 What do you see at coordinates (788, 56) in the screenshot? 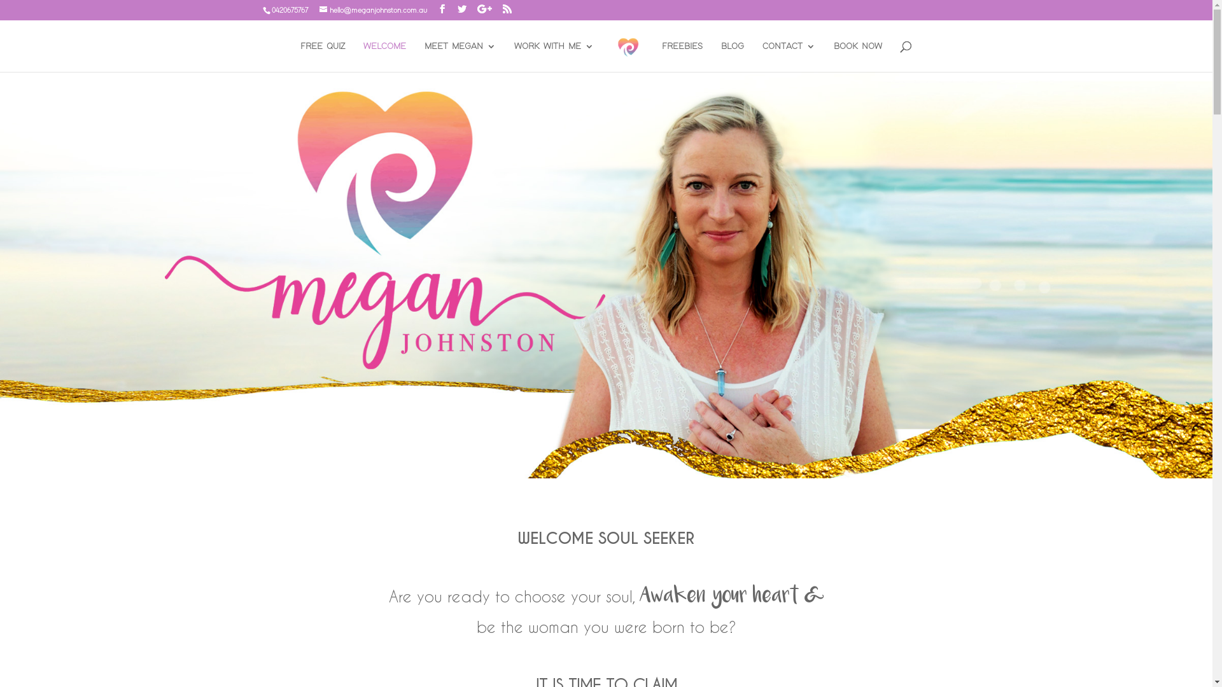
I see `'CONTACT'` at bounding box center [788, 56].